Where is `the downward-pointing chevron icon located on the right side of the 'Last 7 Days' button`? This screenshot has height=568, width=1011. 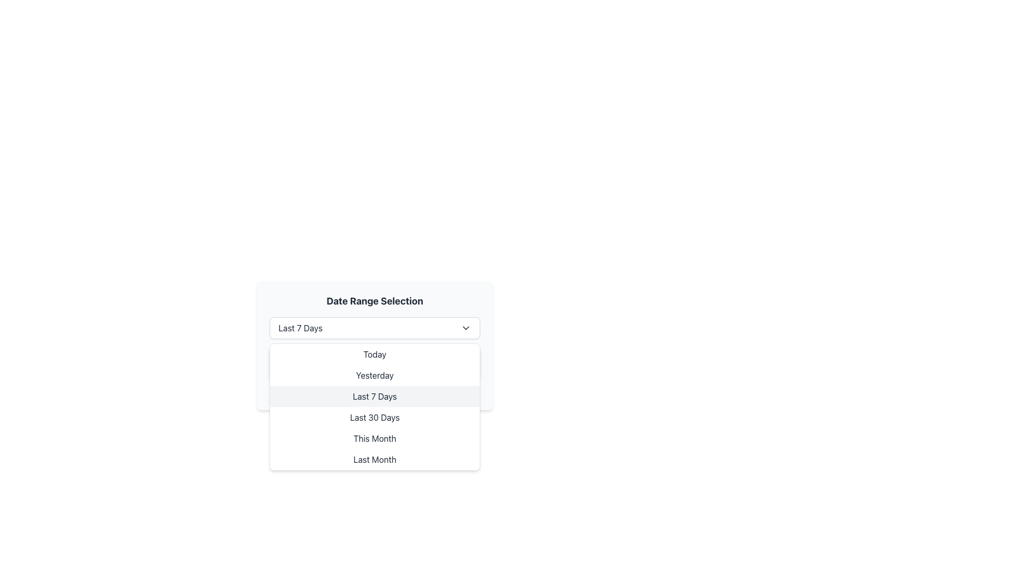 the downward-pointing chevron icon located on the right side of the 'Last 7 Days' button is located at coordinates (465, 328).